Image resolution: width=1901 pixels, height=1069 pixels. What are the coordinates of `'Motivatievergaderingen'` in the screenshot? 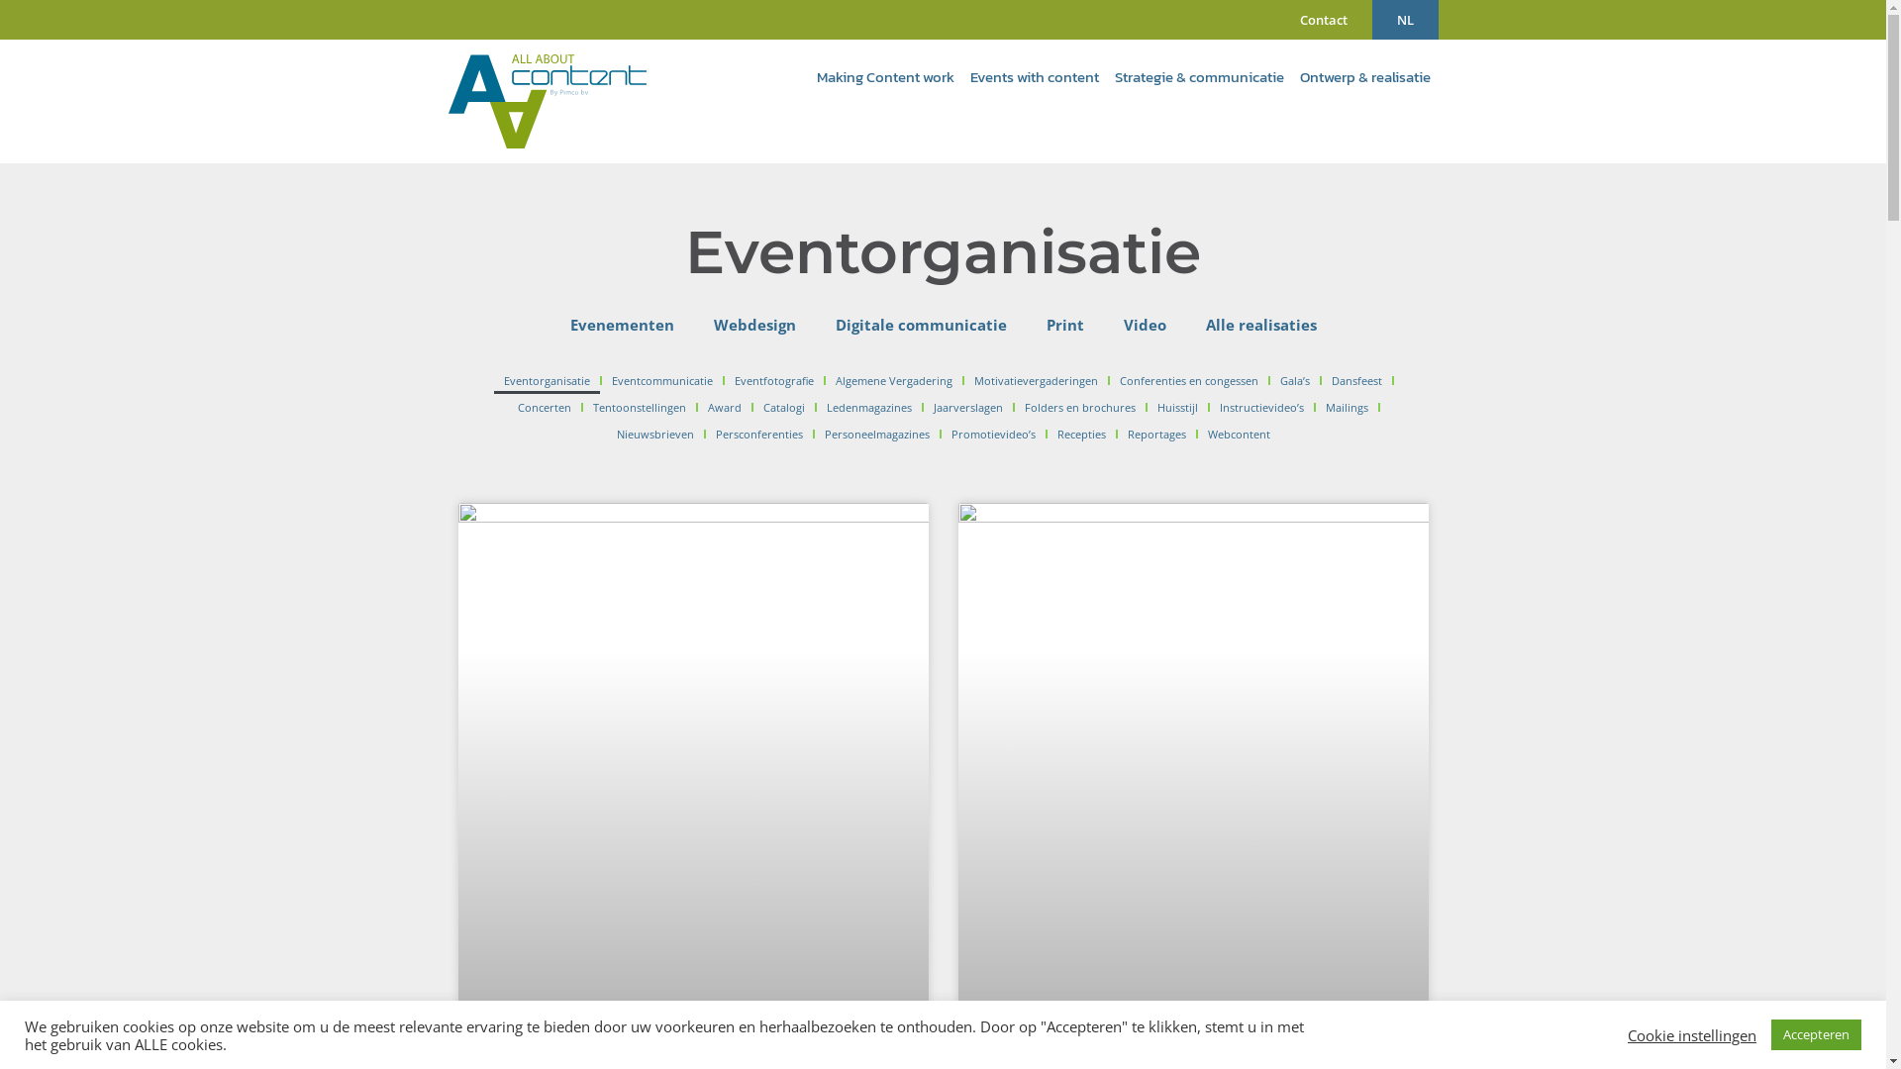 It's located at (1034, 380).